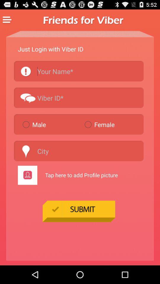 The height and width of the screenshot is (284, 160). I want to click on menu, so click(7, 20).